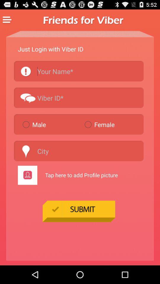 The height and width of the screenshot is (284, 160). I want to click on menu, so click(7, 20).